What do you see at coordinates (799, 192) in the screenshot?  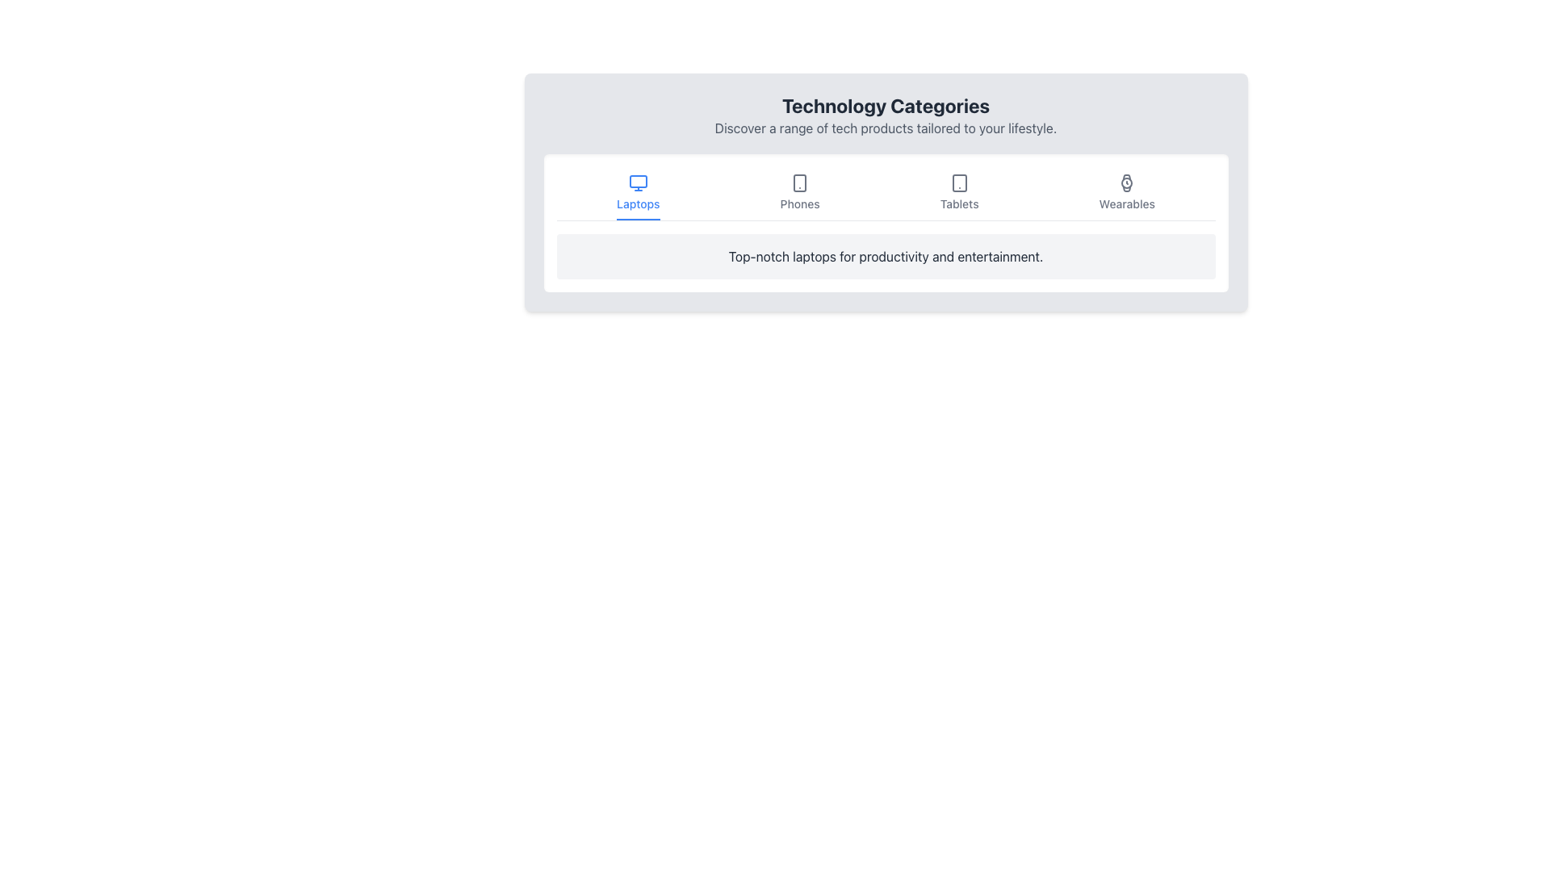 I see `the navigation button positioned in the second slot from the left` at bounding box center [799, 192].